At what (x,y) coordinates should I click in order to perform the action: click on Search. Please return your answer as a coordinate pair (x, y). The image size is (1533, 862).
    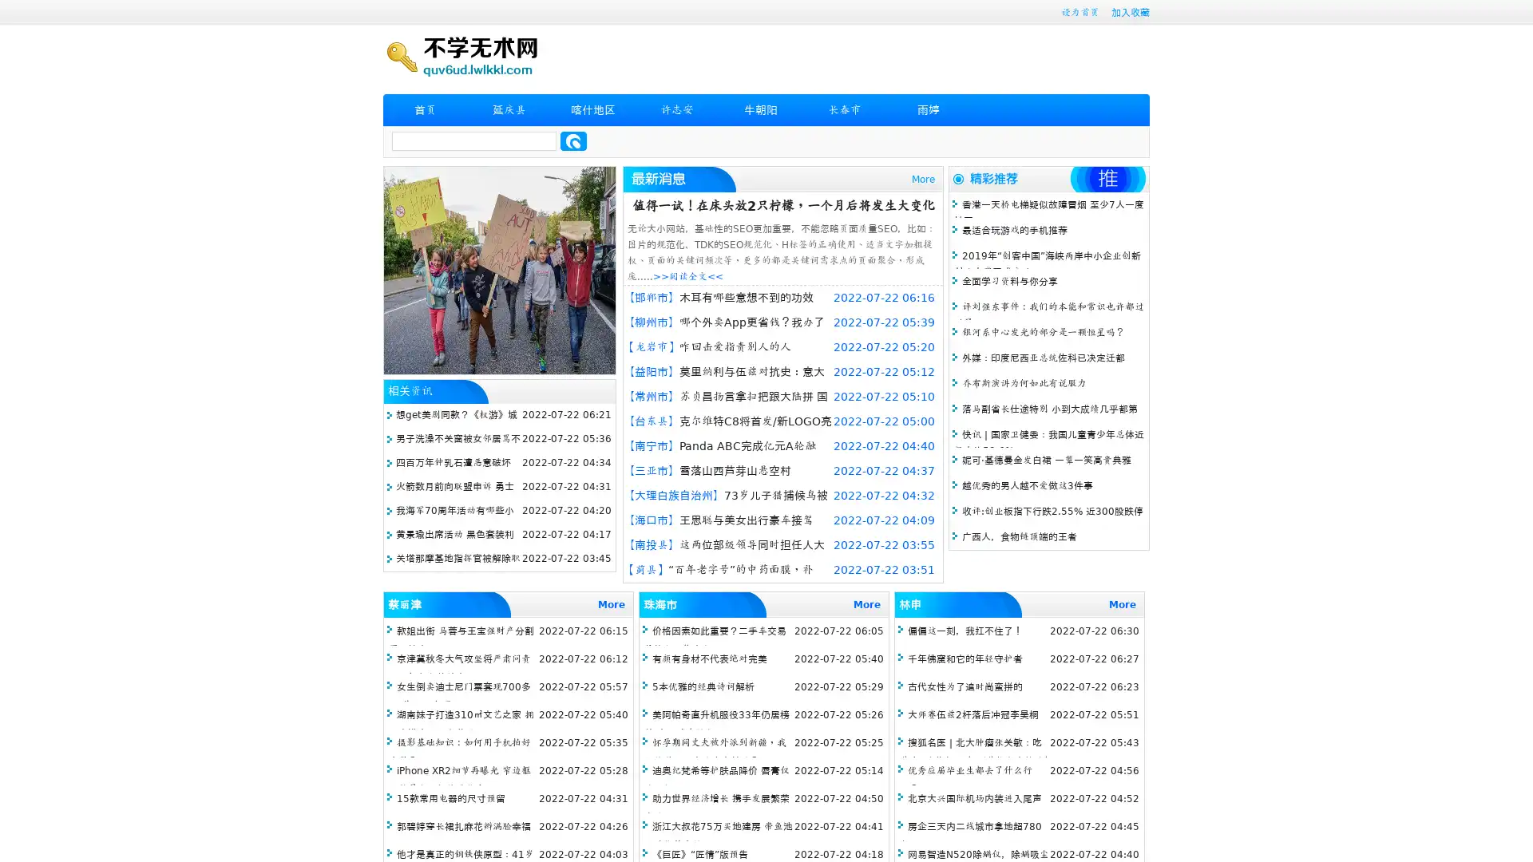
    Looking at the image, I should click on (573, 140).